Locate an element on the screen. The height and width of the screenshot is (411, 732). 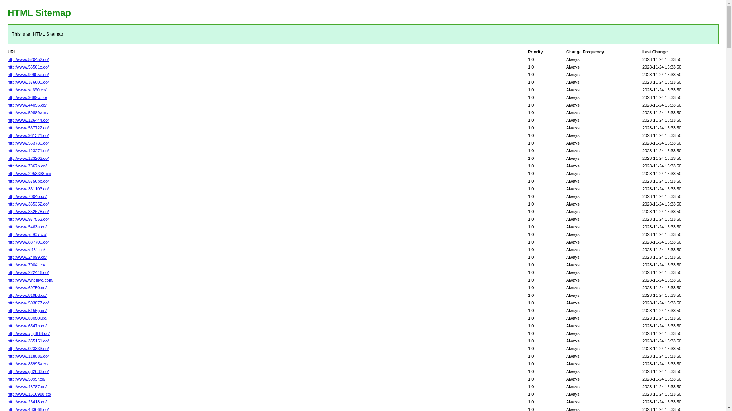
'http://www.222416.co/' is located at coordinates (28, 272).